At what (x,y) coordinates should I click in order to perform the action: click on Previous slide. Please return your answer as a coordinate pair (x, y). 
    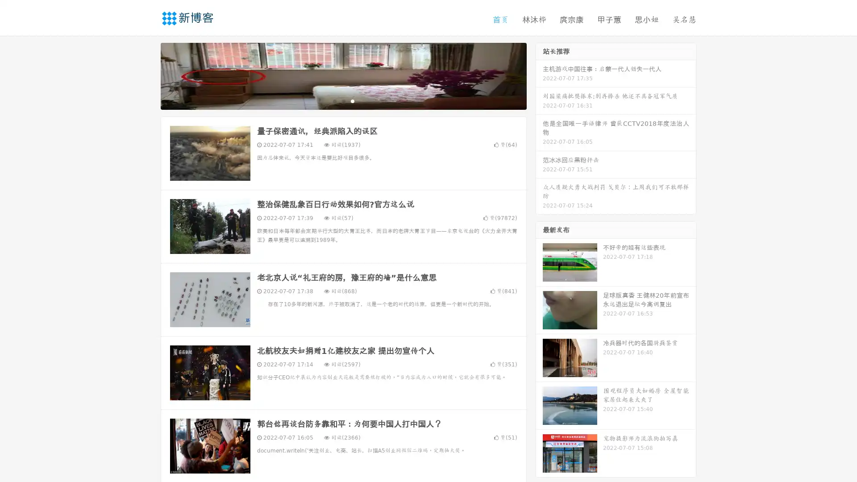
    Looking at the image, I should click on (147, 75).